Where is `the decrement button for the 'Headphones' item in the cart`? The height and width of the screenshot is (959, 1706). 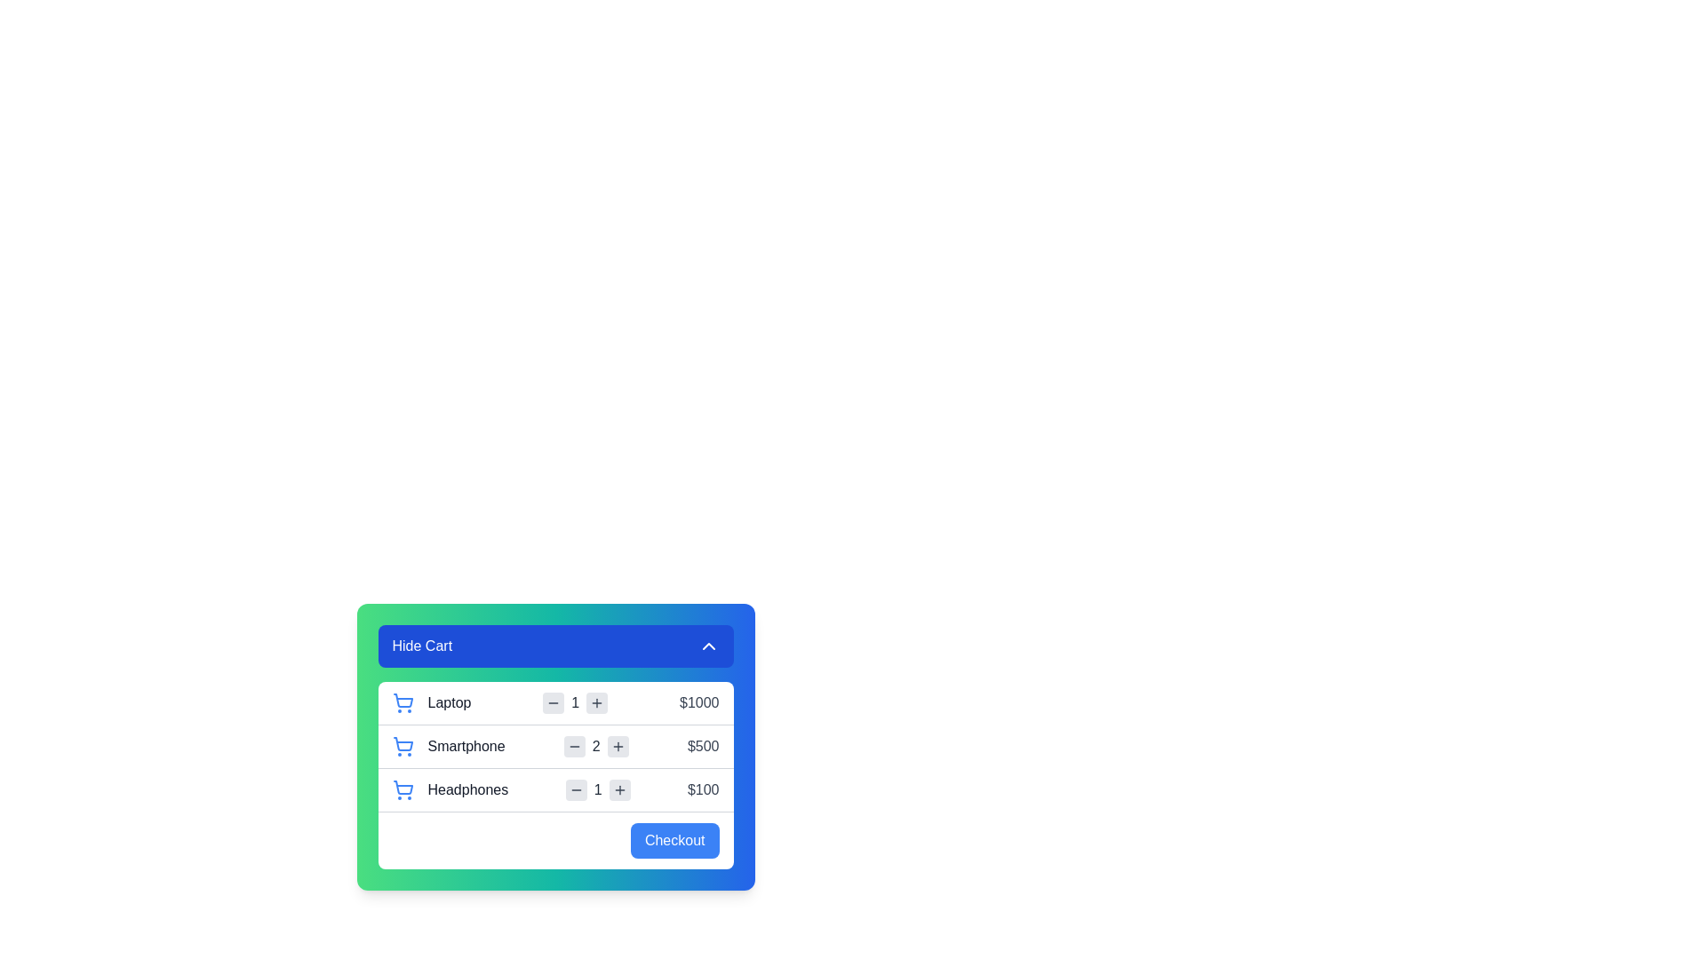
the decrement button for the 'Headphones' item in the cart is located at coordinates (576, 789).